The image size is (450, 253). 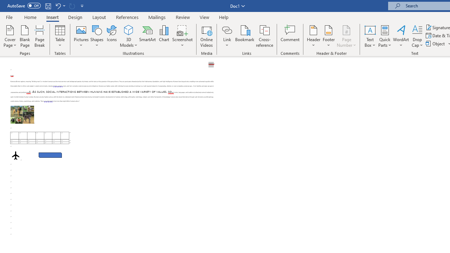 I want to click on 'Comment', so click(x=290, y=36).